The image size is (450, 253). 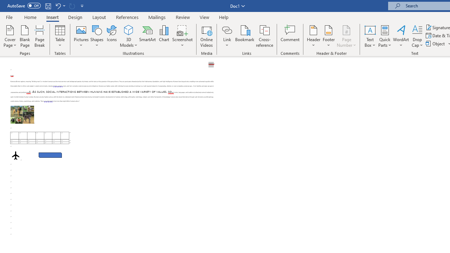 I want to click on 'Comment', so click(x=290, y=36).